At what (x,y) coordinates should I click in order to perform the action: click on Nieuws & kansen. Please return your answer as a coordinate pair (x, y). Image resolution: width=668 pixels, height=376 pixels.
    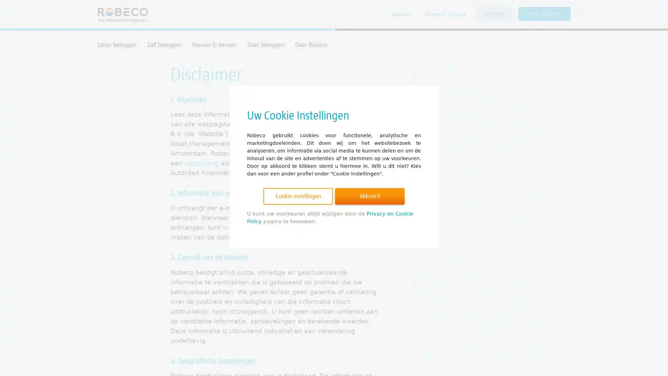
    Looking at the image, I should click on (214, 45).